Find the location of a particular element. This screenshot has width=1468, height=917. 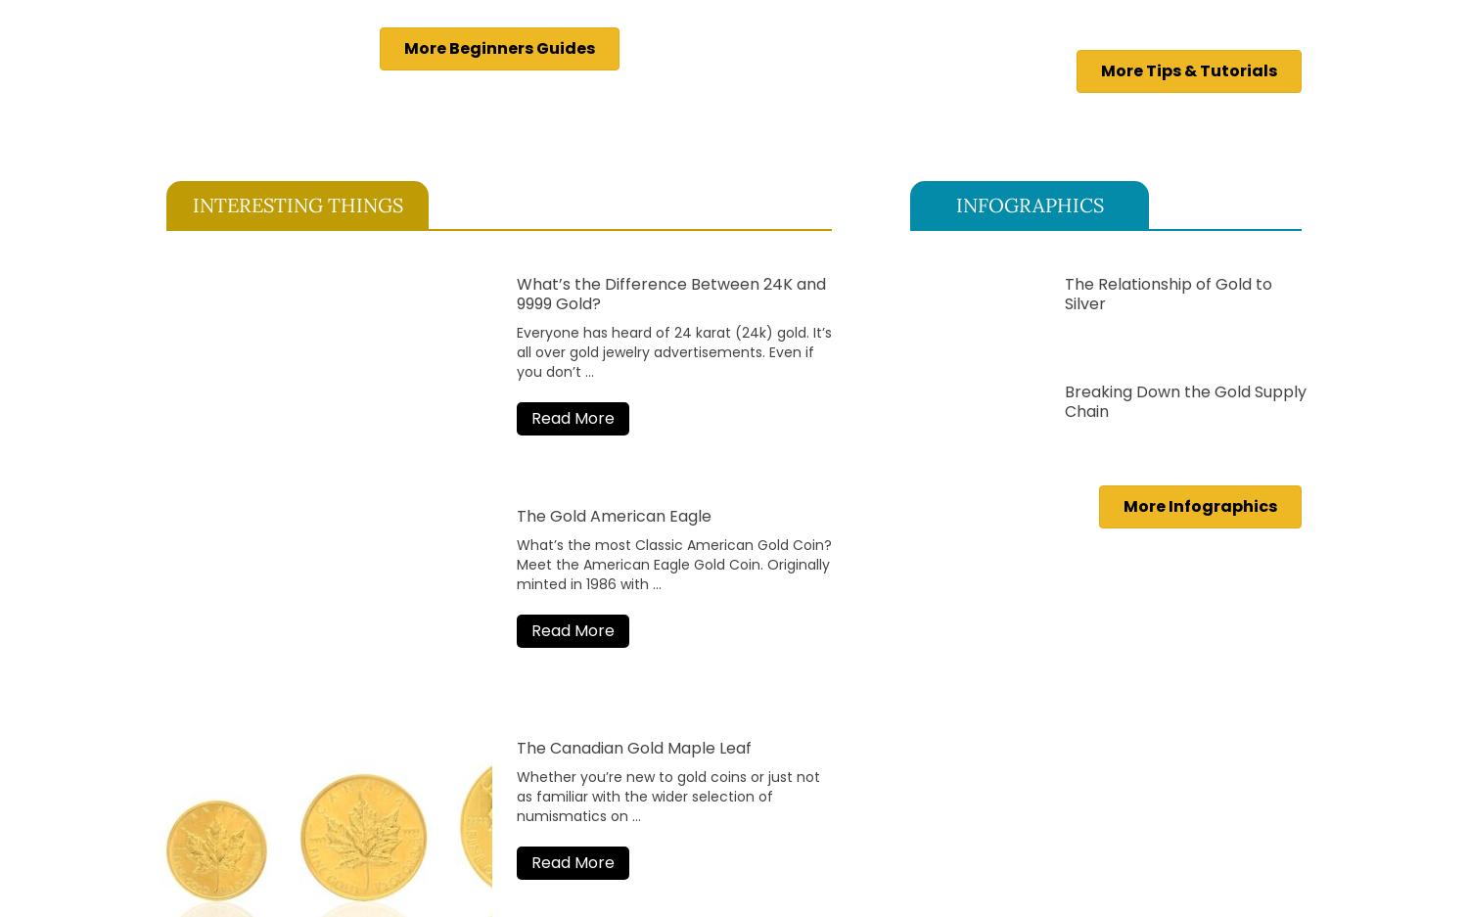

'INFOGRAPHICS' is located at coordinates (1029, 204).